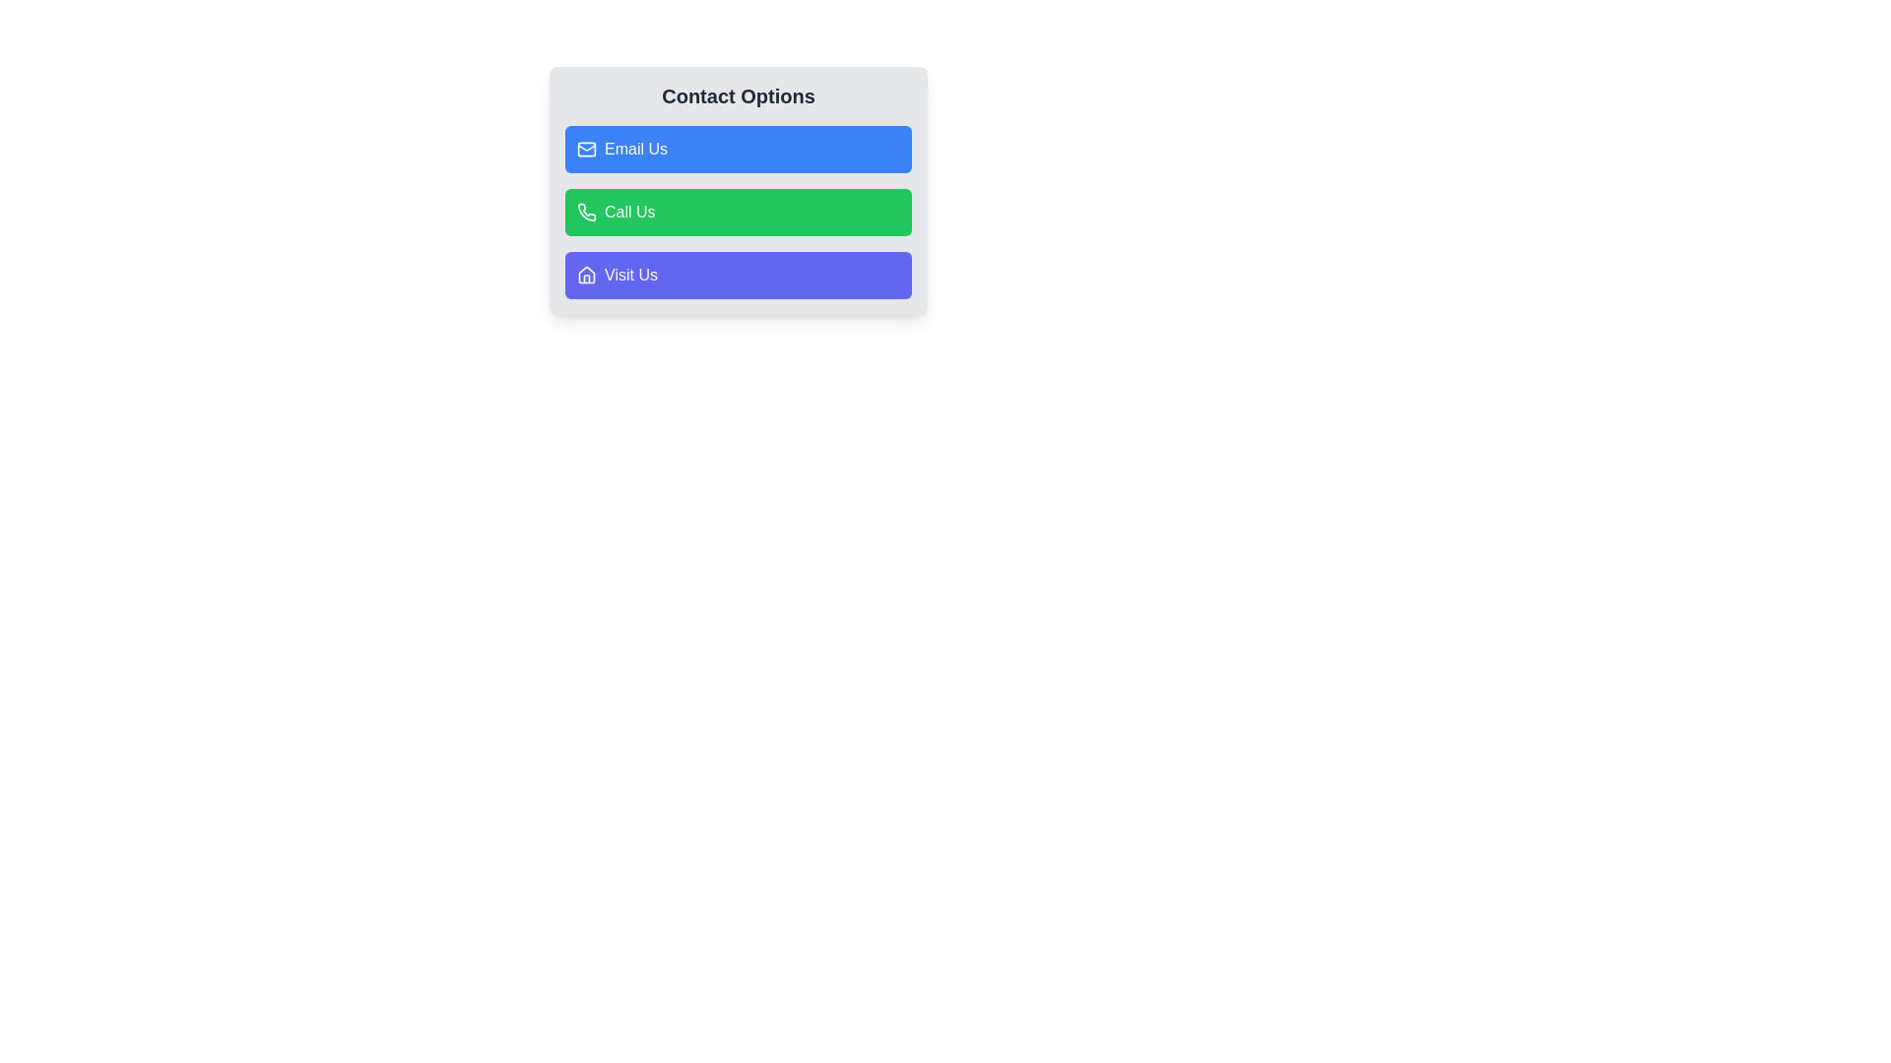 The width and height of the screenshot is (1891, 1063). I want to click on the 'Call Us' button, so click(737, 190).